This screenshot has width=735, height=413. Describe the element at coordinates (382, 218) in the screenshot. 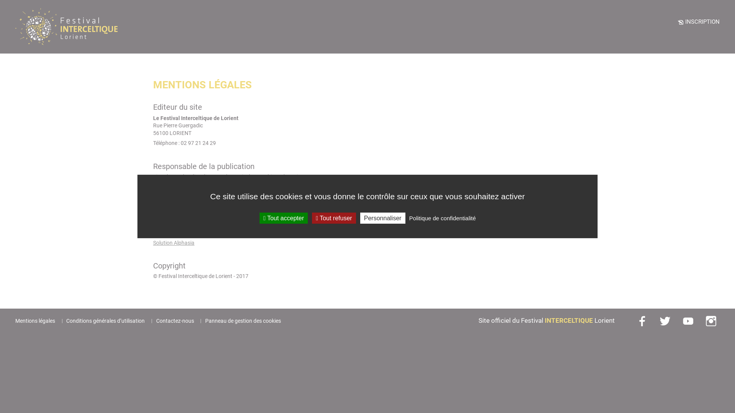

I see `'Personnaliser'` at that location.